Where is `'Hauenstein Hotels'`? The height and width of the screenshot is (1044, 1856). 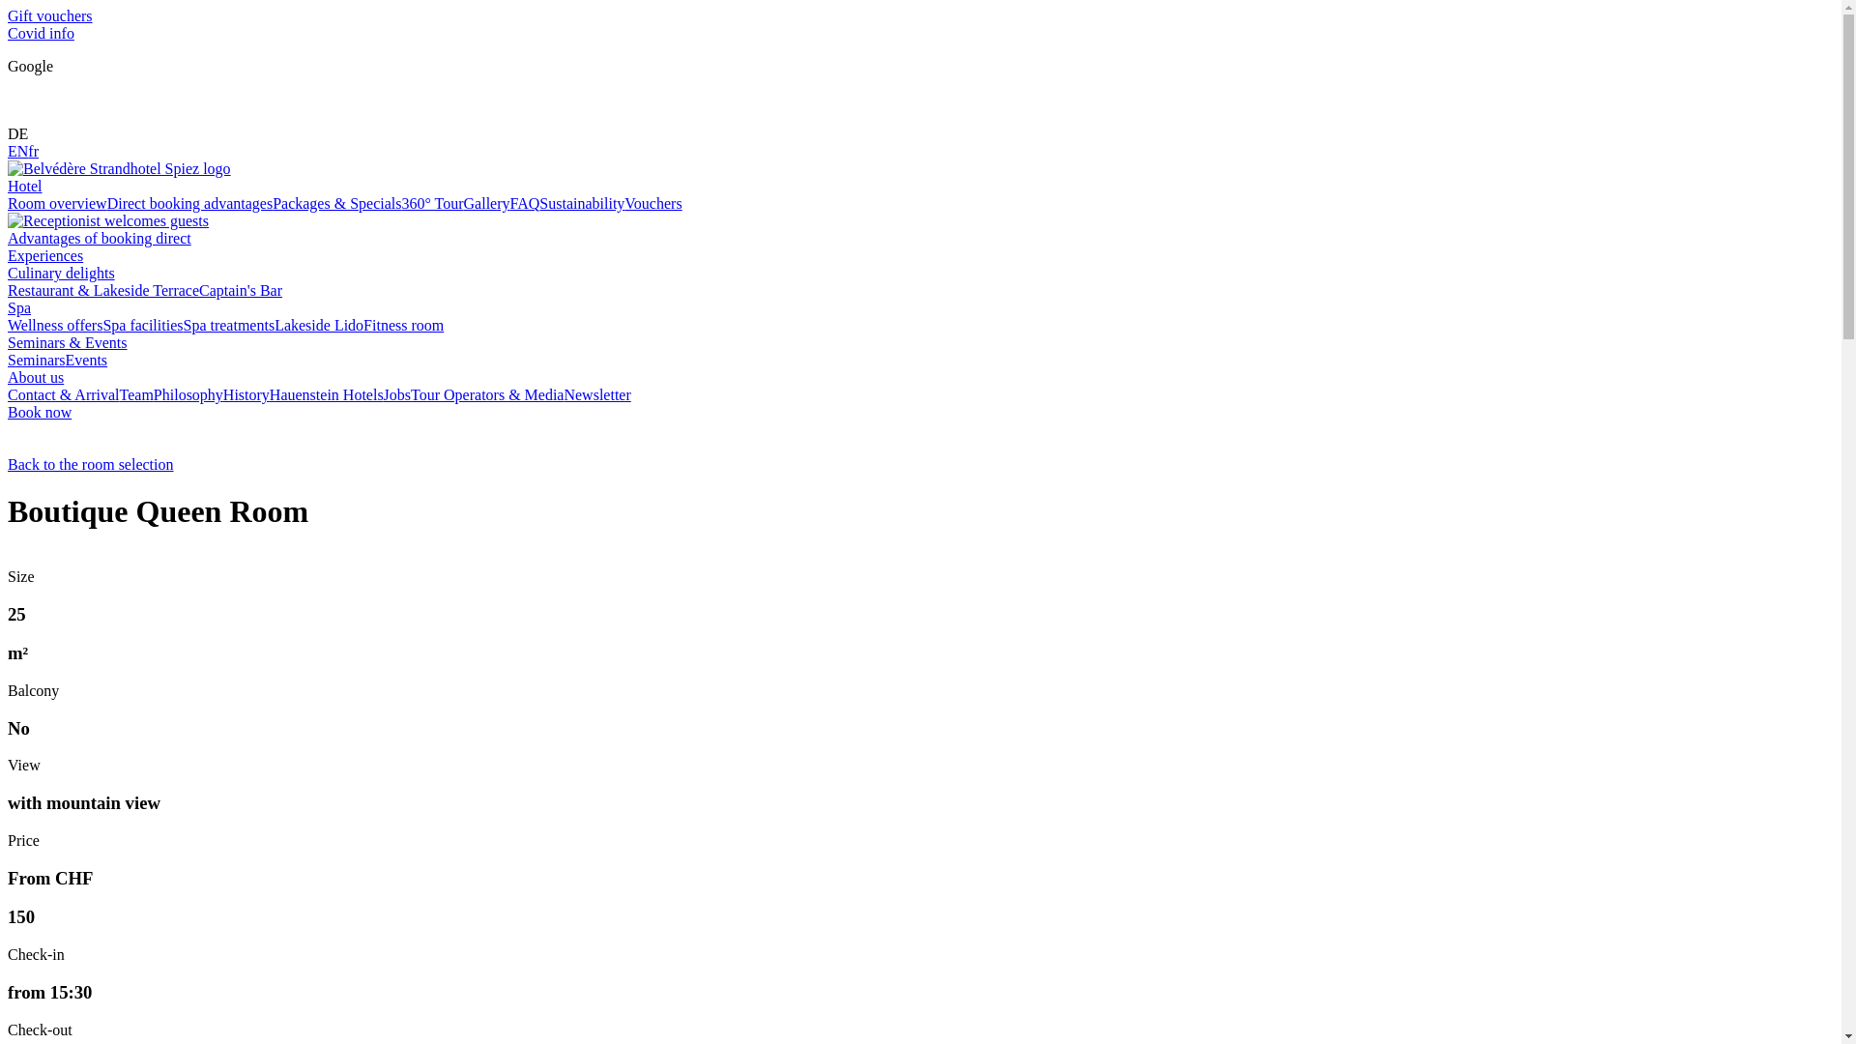 'Hauenstein Hotels' is located at coordinates (326, 393).